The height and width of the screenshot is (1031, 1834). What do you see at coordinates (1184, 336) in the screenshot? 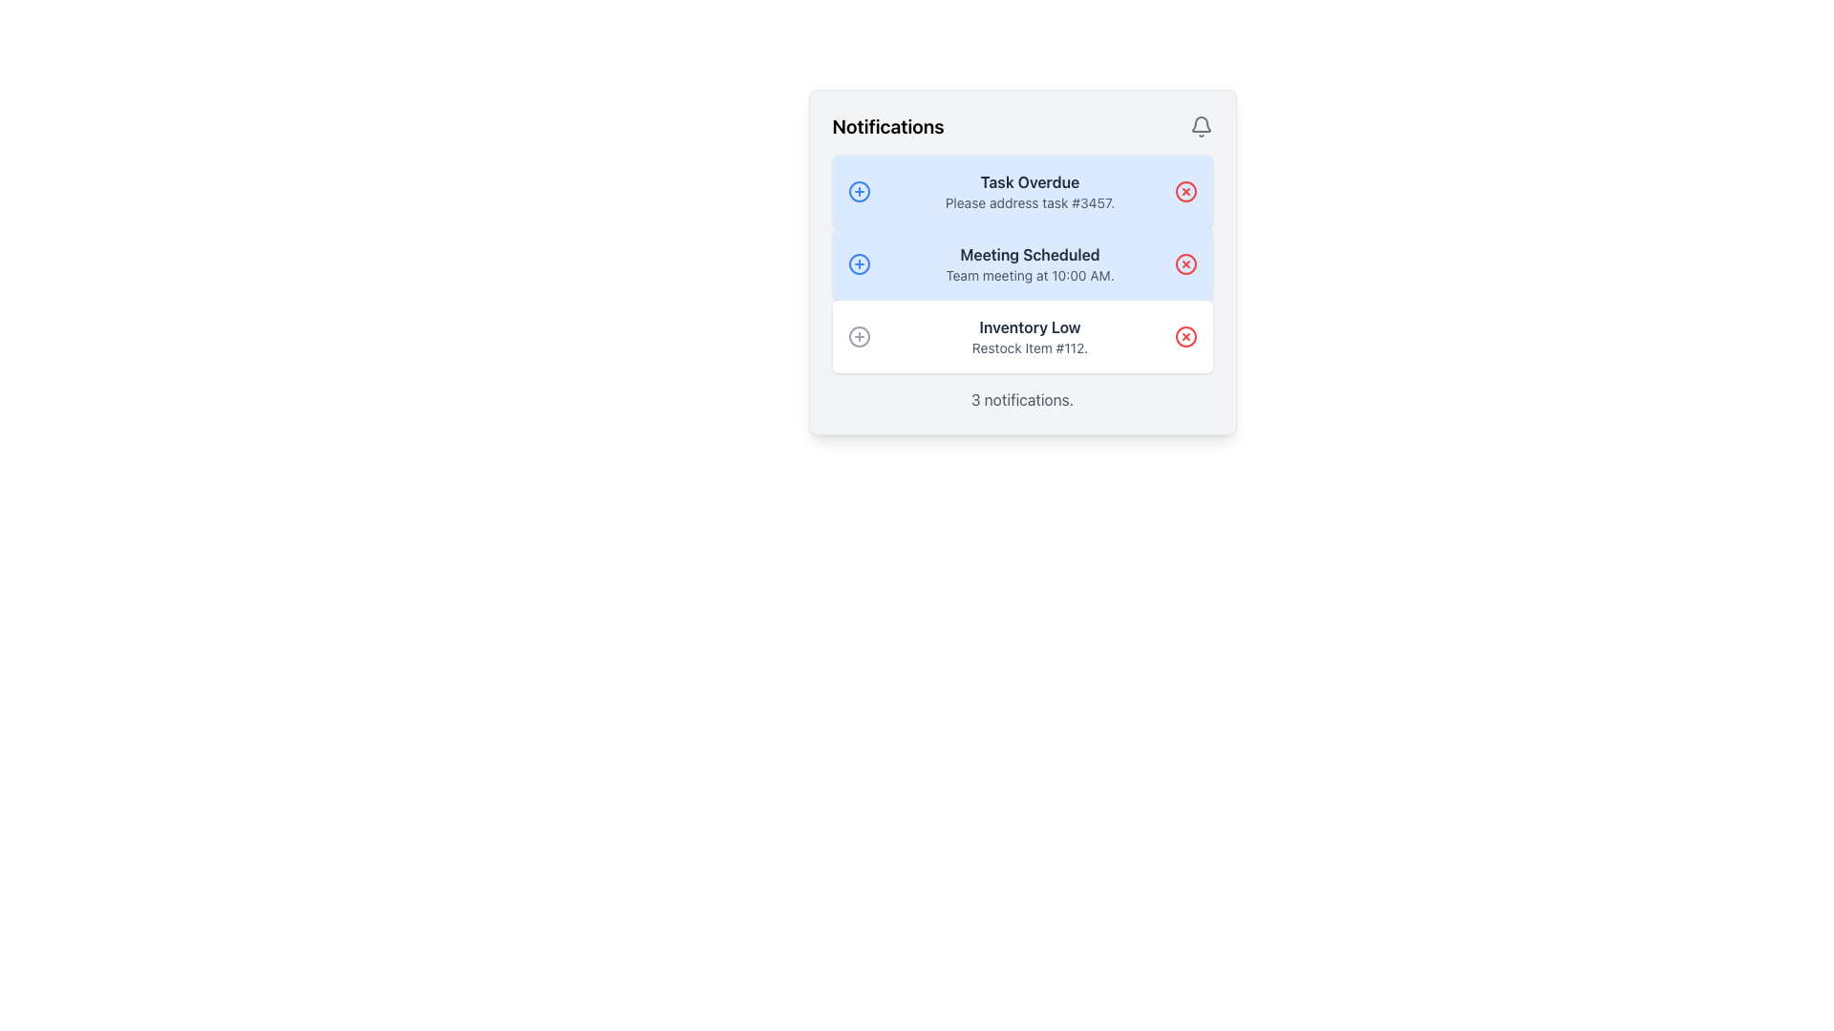
I see `the circular button with a white cross inside, styled with a red border and background, located at the top-right corner of the 'Inventory Low' notification card` at bounding box center [1184, 336].